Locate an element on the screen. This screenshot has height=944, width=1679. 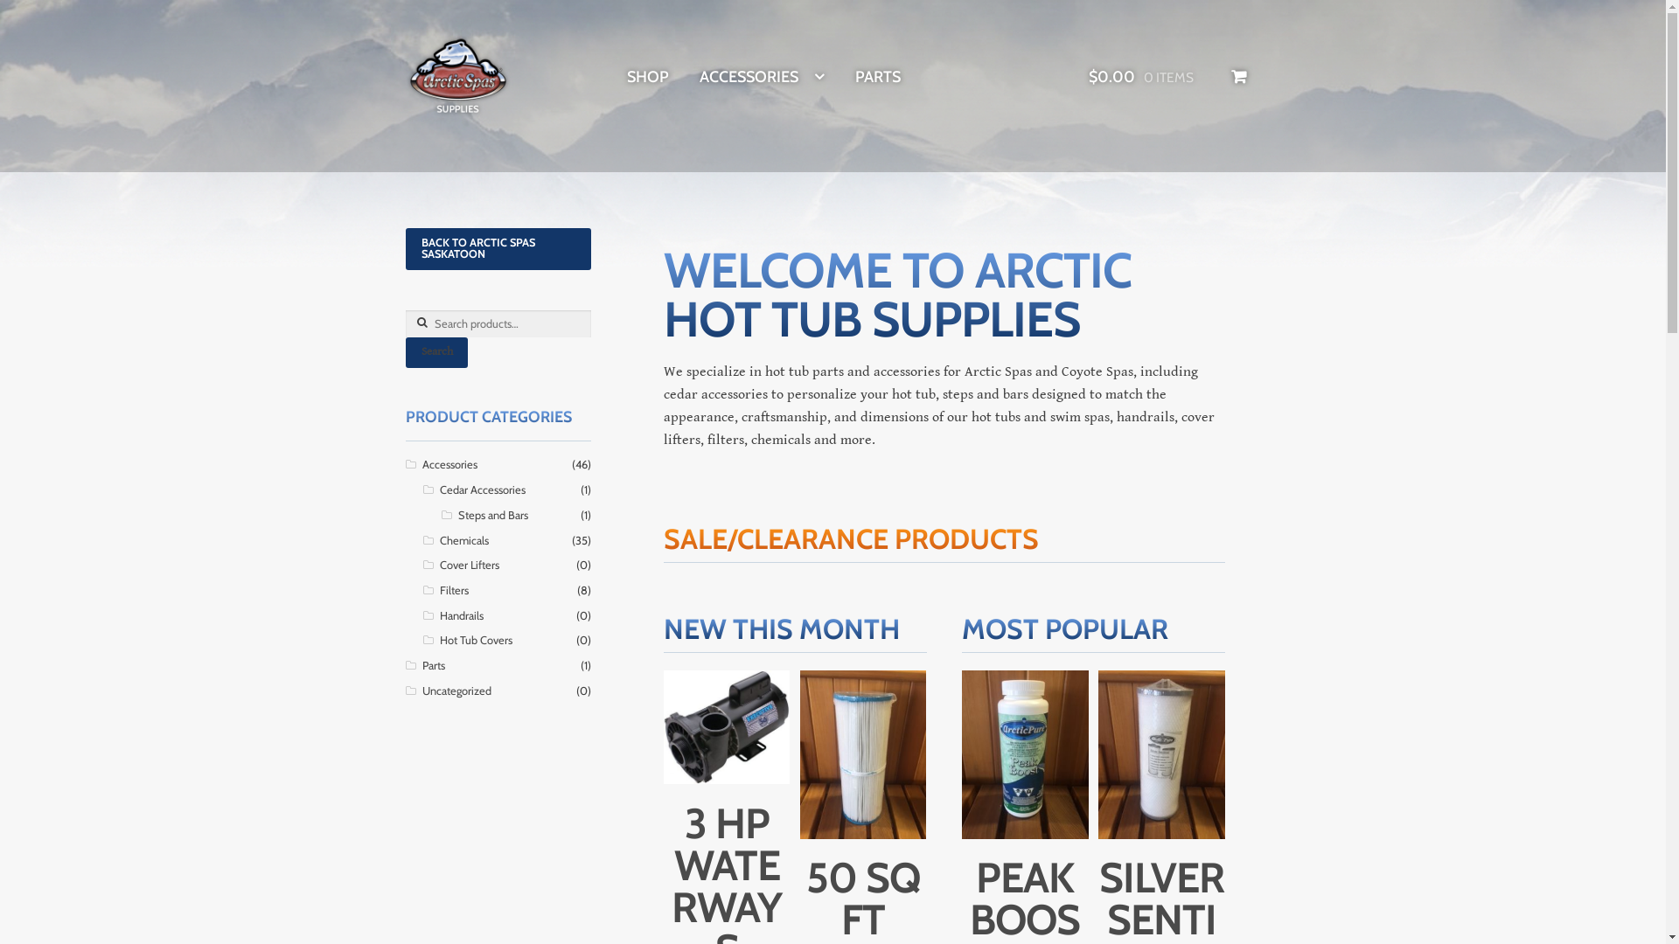
'Cedar Accessories' is located at coordinates (483, 489).